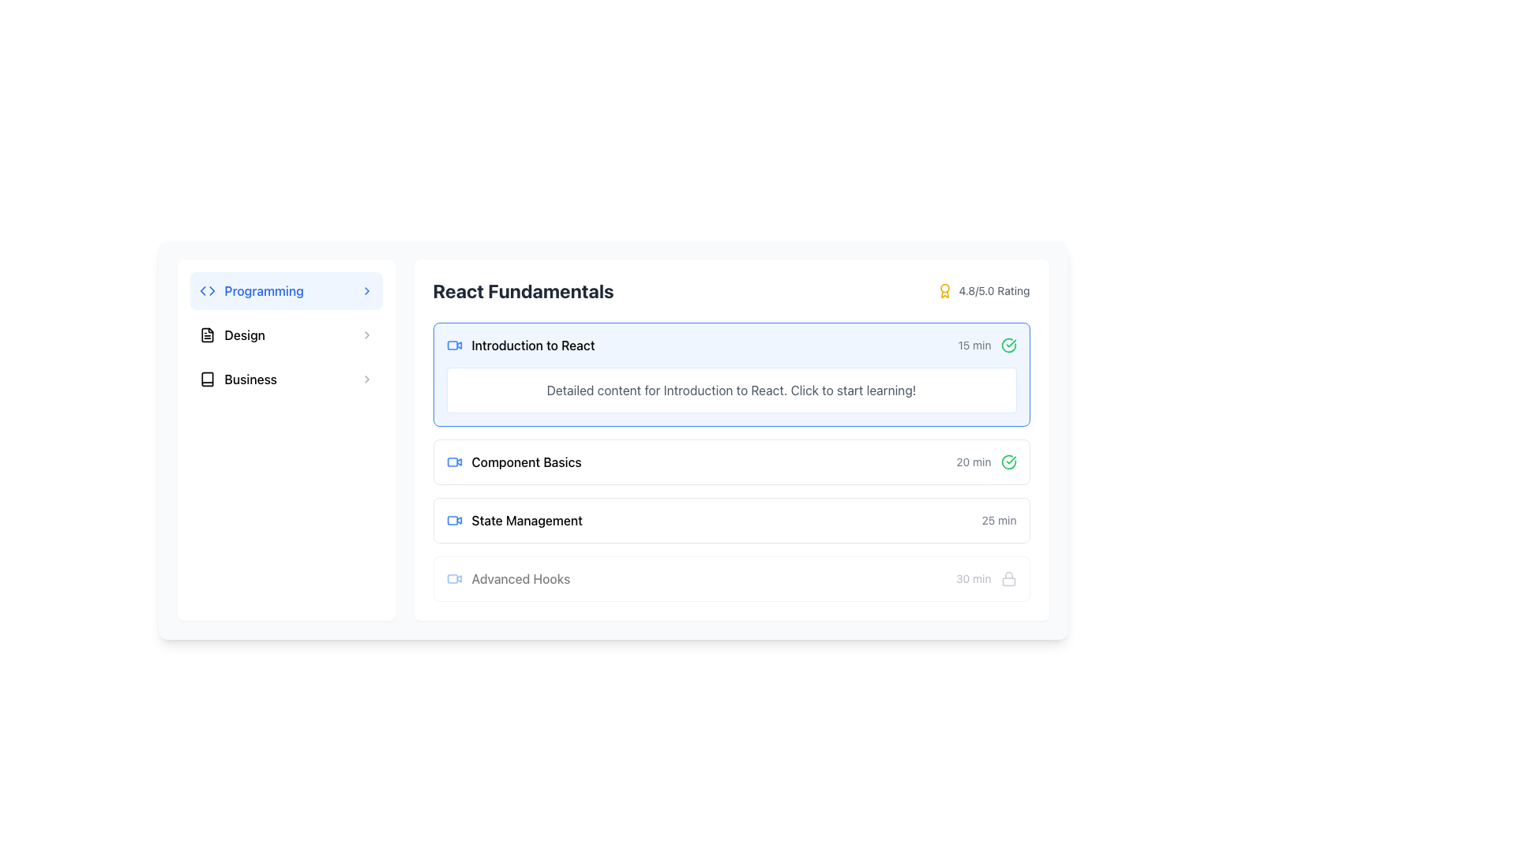 Image resolution: width=1516 pixels, height=852 pixels. Describe the element at coordinates (201, 291) in the screenshot. I see `the left-pointing arrow-like Graphic SVG element that serves as a navigation function, located in the top-left area of the interface` at that location.